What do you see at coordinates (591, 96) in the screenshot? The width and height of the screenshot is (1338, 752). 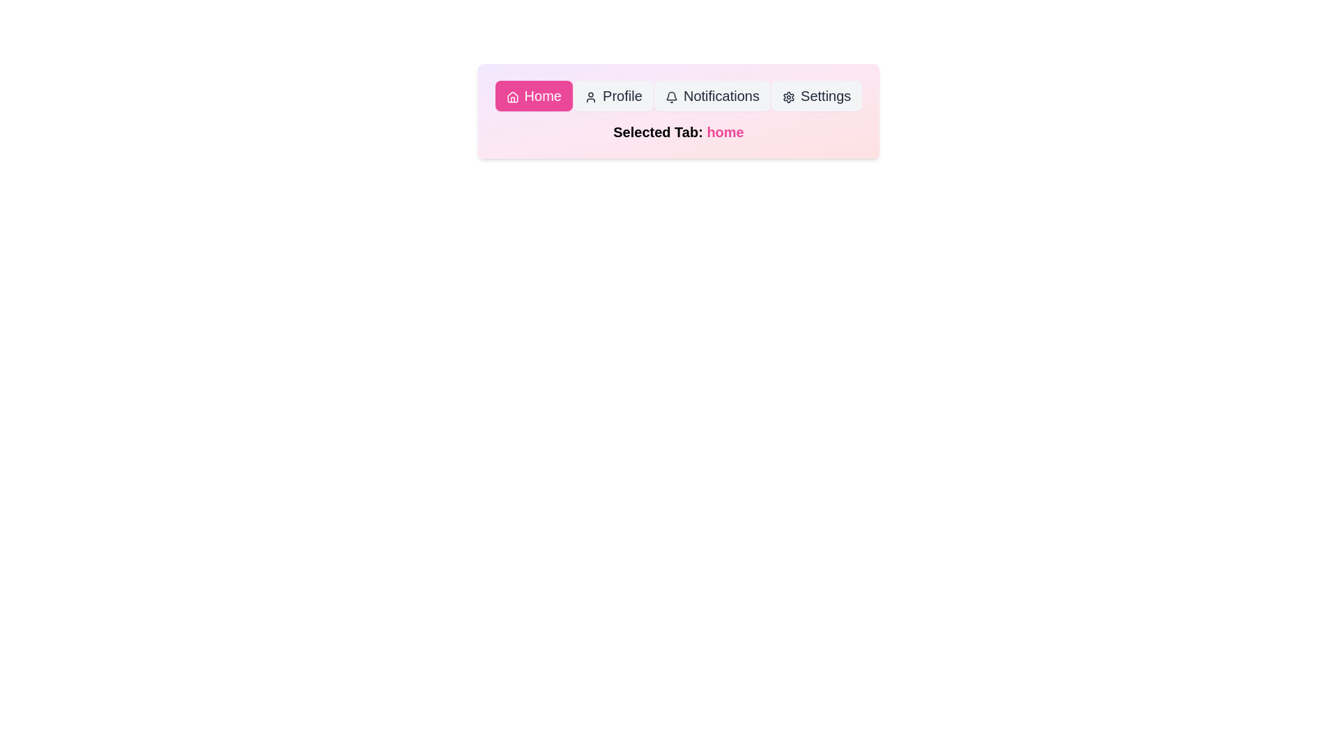 I see `the 'Profile' SVG Icon located to the left of the text 'Profile' in the navigation menu` at bounding box center [591, 96].